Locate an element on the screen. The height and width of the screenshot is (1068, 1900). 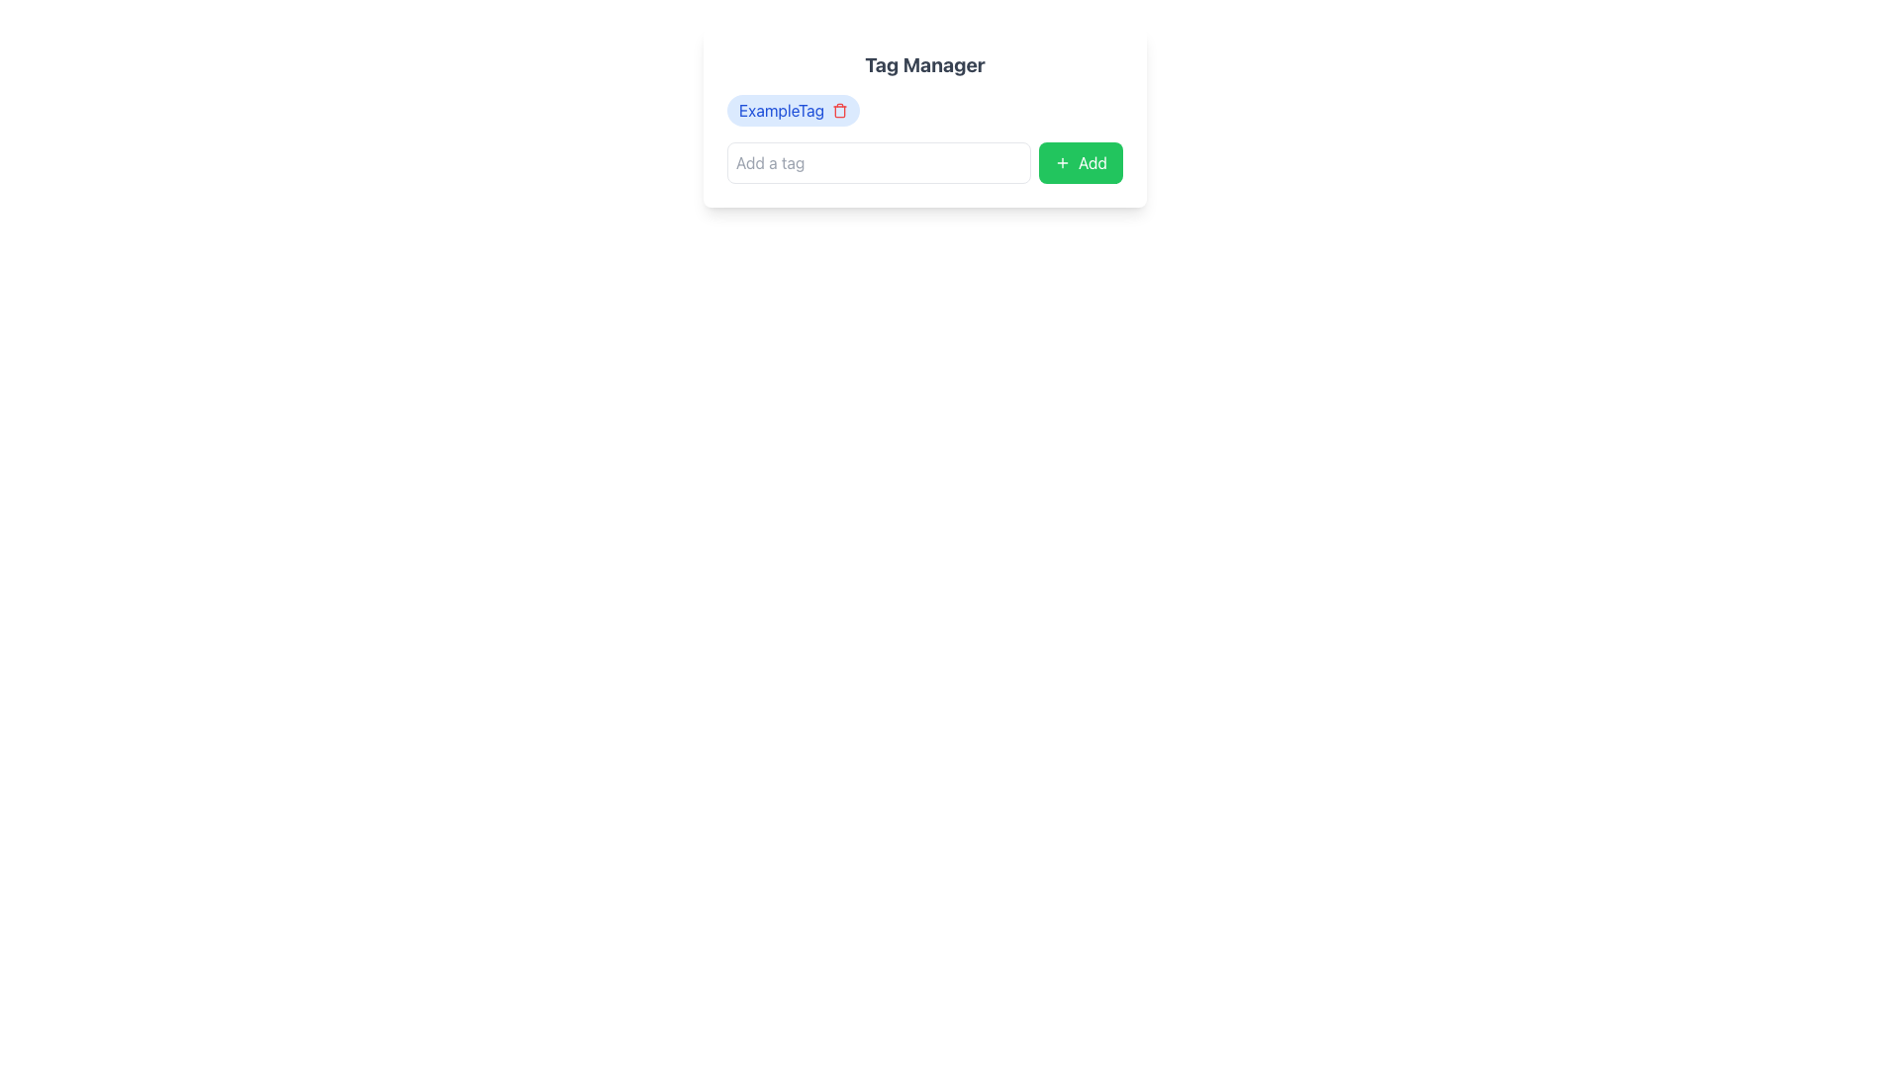
the trash can icon, which is a rectangular icon with rounded edges, located next to the text 'ExampleTag' in the SVG illustration is located at coordinates (840, 112).